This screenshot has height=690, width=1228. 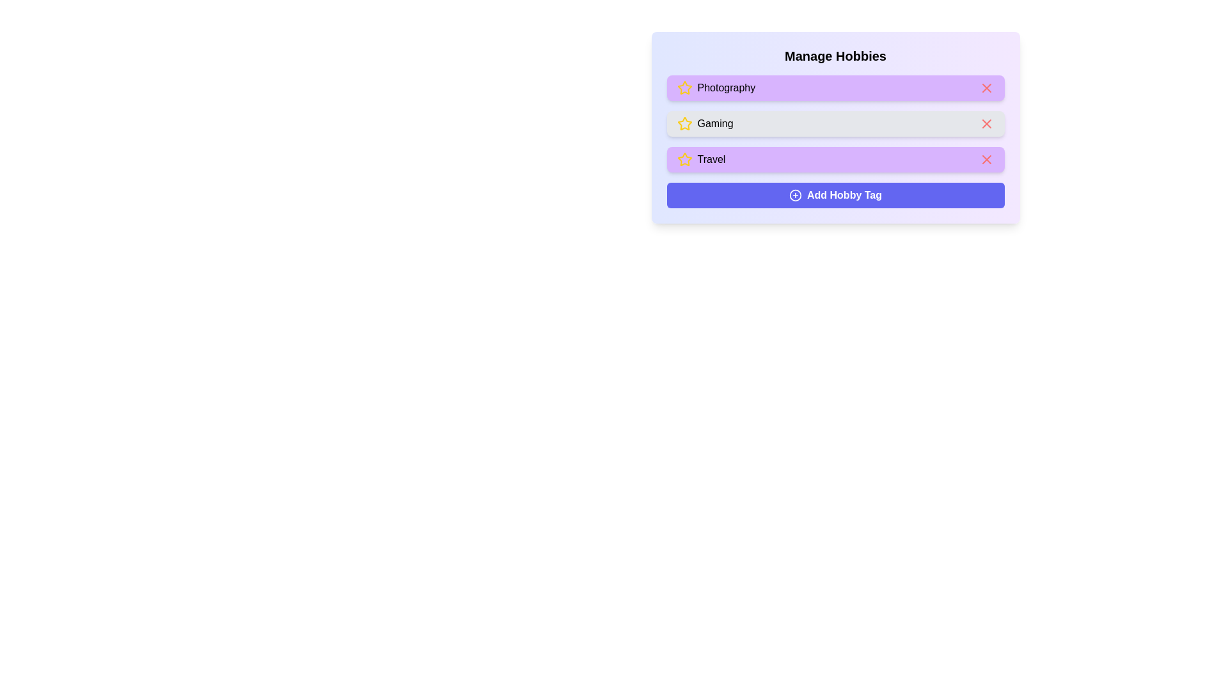 I want to click on the 'Add Hobby Tag' button to add a new hobby tag, so click(x=835, y=195).